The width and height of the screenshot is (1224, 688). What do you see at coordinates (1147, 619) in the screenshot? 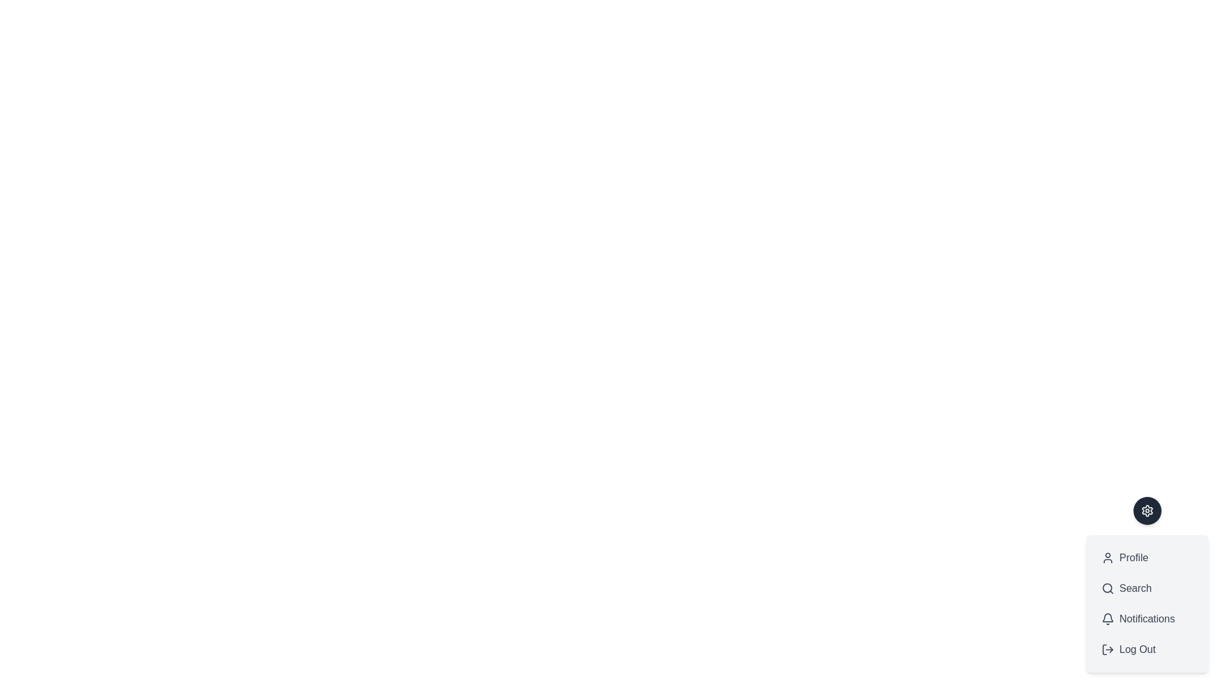
I see `the third menu item in the dropdown, located between 'Search' and 'Log Out'` at bounding box center [1147, 619].